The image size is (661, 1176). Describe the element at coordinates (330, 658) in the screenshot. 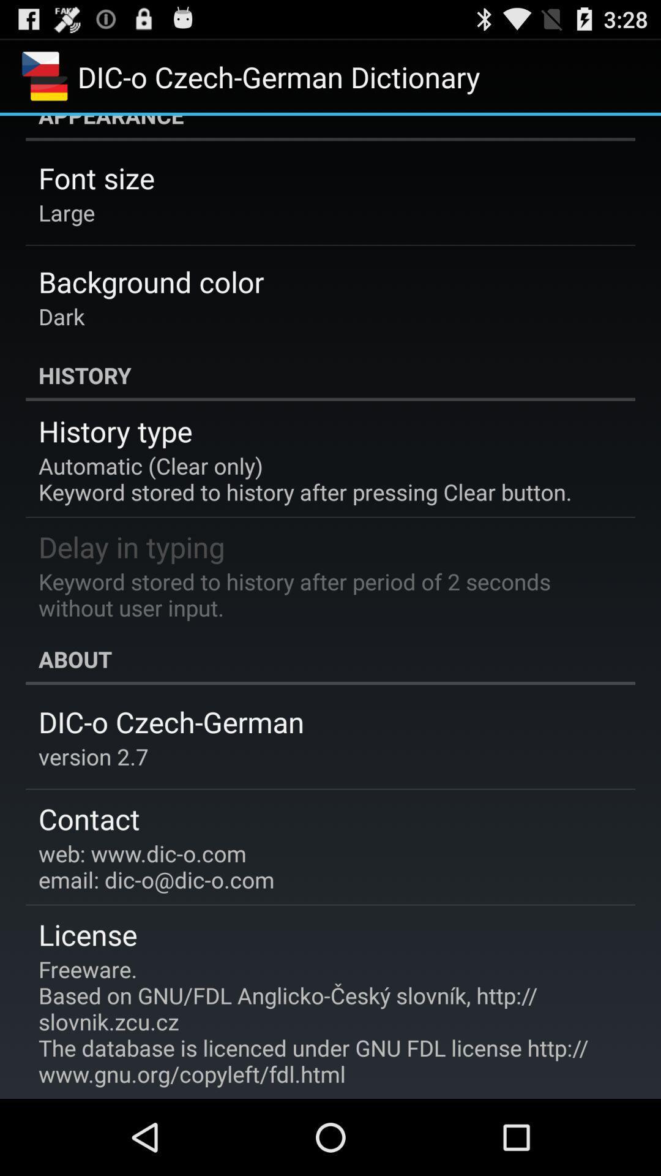

I see `the about` at that location.